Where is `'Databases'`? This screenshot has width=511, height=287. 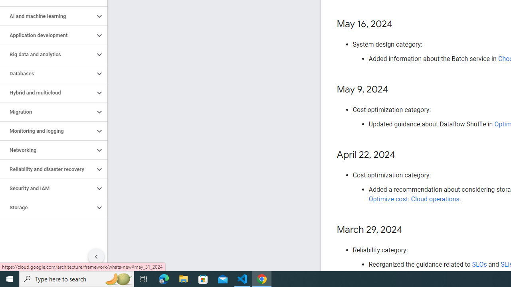
'Databases' is located at coordinates (47, 74).